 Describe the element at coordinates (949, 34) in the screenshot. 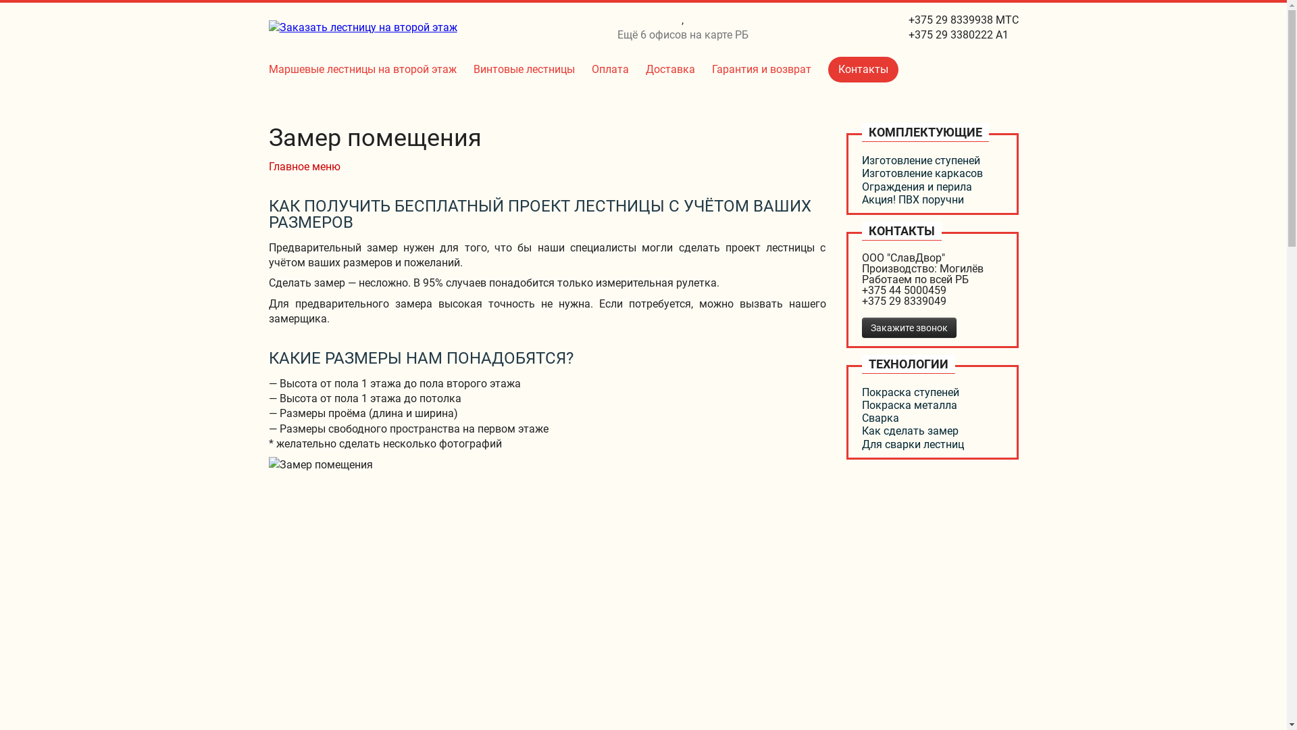

I see `'+375 29 3380222'` at that location.